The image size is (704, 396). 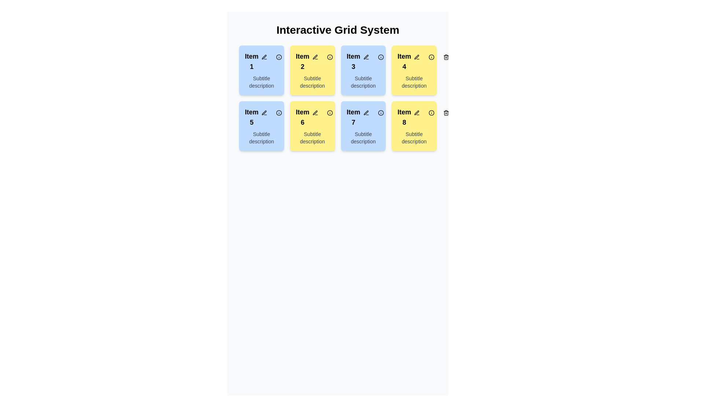 I want to click on the pen icon located at the top-right corner of the 'Item 6' card in the interactive grid, so click(x=315, y=113).